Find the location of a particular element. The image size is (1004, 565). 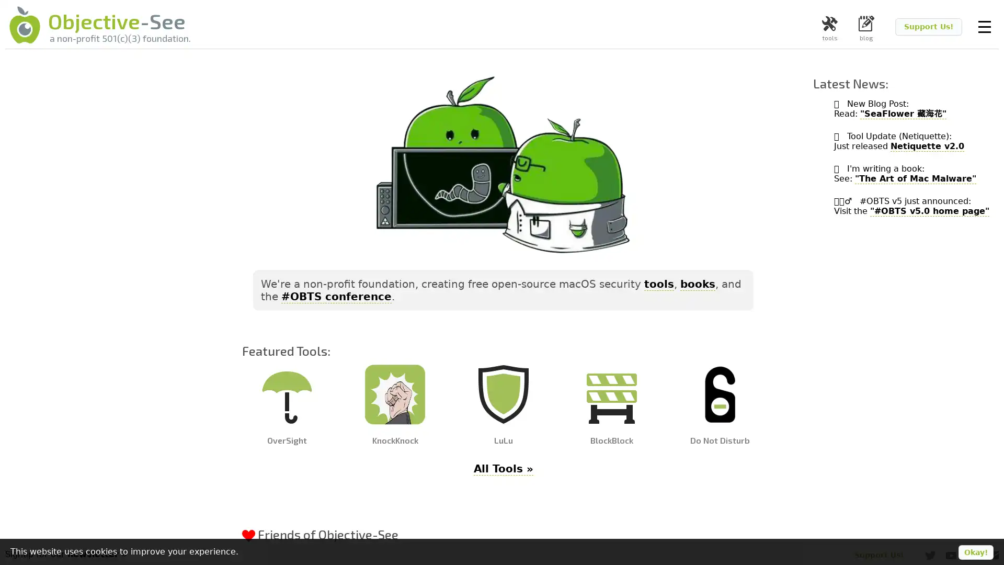

Support Us! is located at coordinates (929, 26).